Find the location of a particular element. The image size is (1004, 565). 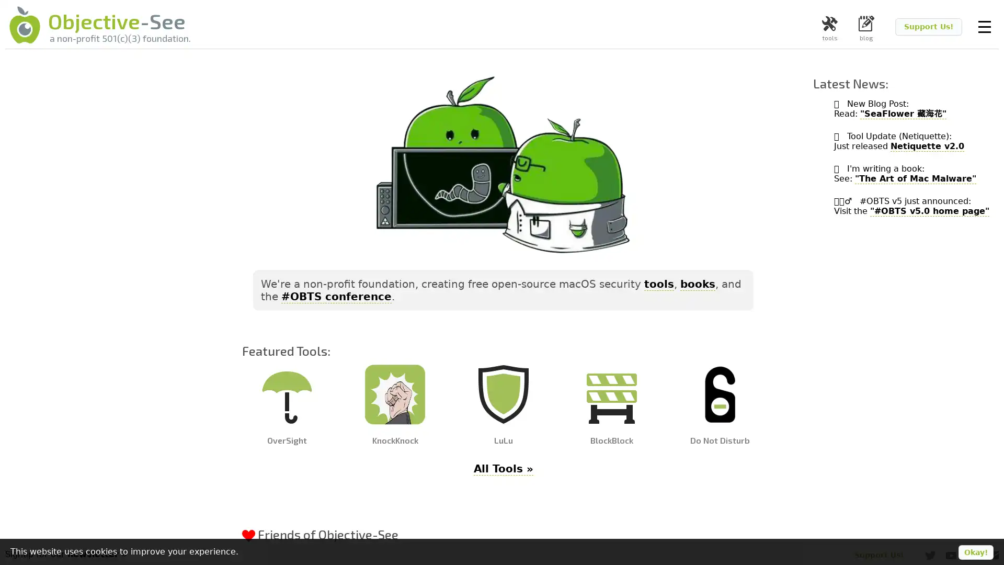

Support Us! is located at coordinates (929, 26).